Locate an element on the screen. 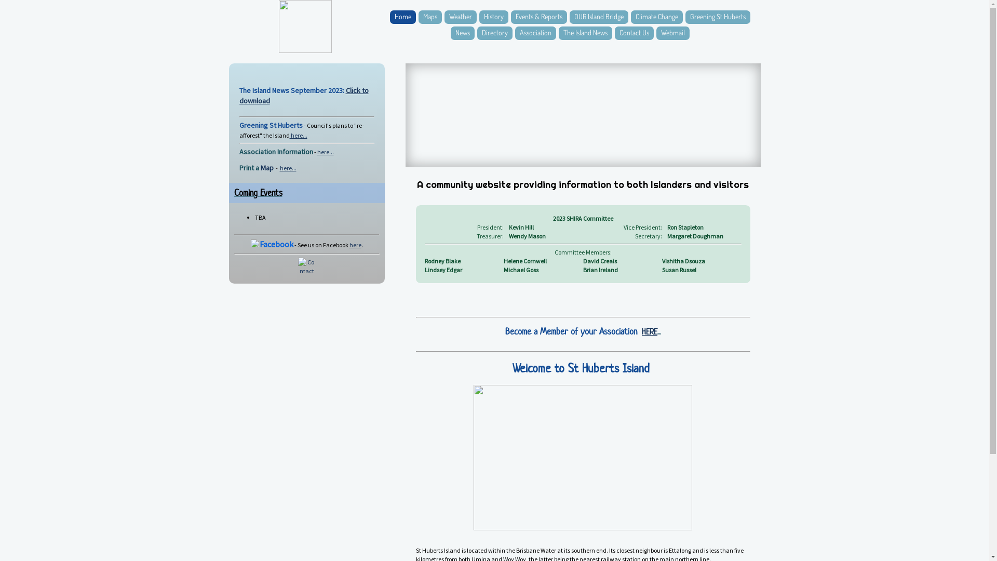 The image size is (997, 561). 'Association' is located at coordinates (515, 33).